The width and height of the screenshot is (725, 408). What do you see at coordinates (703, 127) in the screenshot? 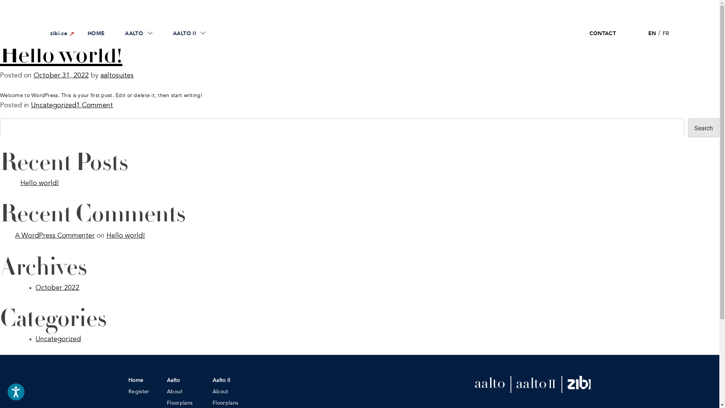
I see `'Search'` at bounding box center [703, 127].